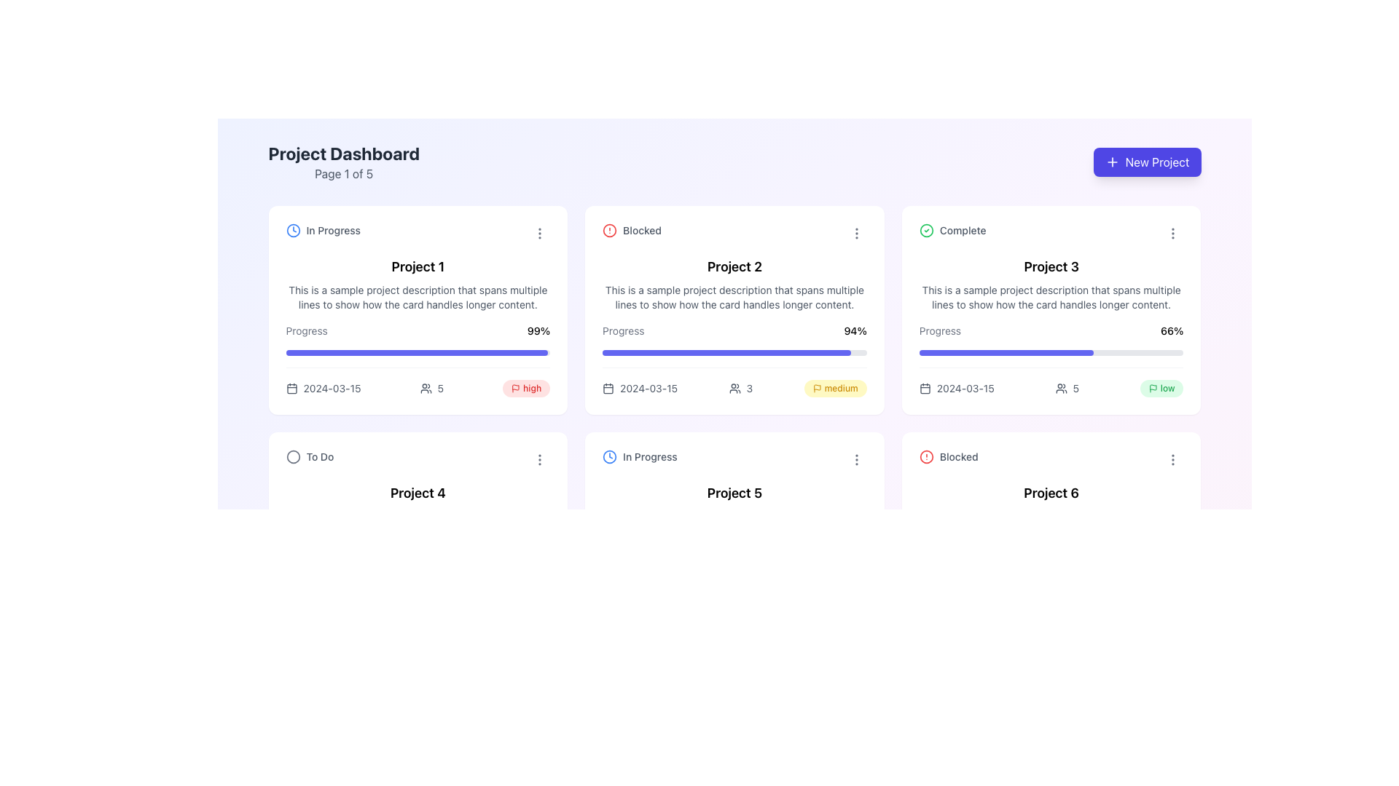 The image size is (1399, 786). Describe the element at coordinates (925, 229) in the screenshot. I see `the SVG Circle indicating the completion status of Project 3, positioned before the 'Complete' label in the project card` at that location.